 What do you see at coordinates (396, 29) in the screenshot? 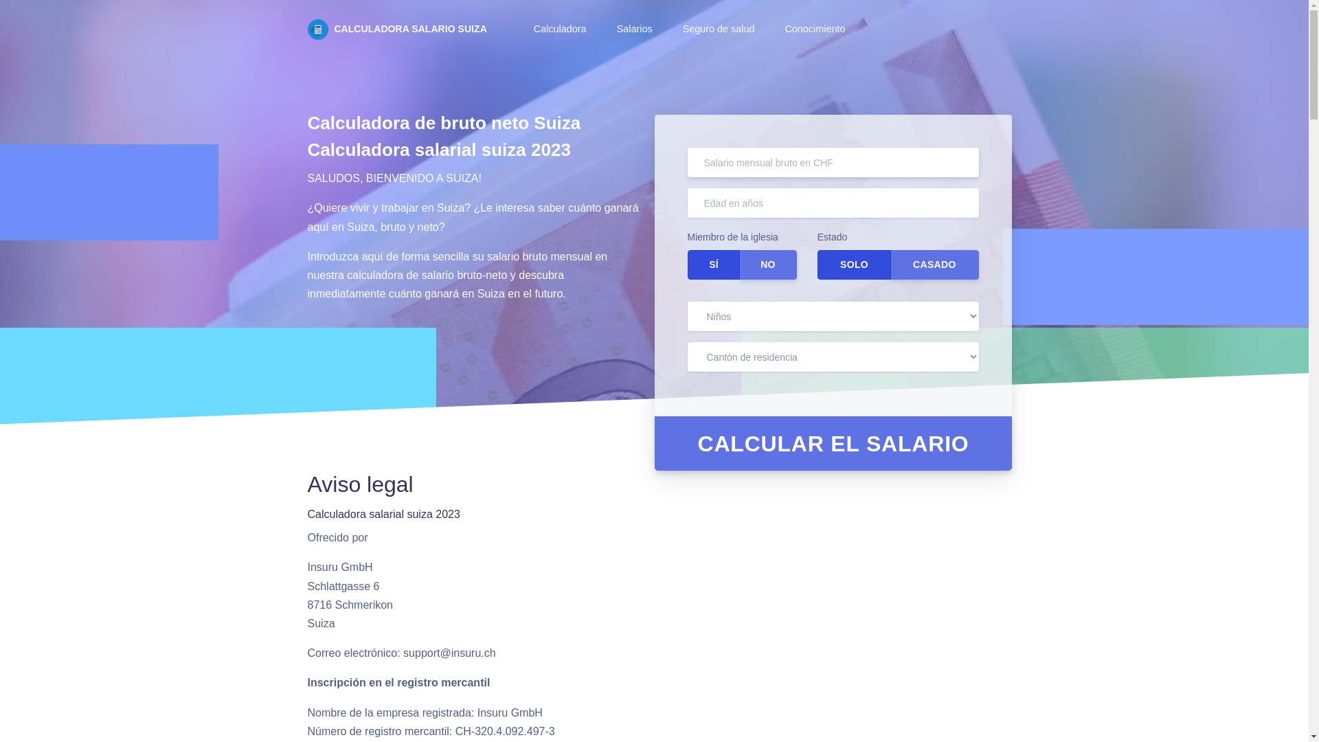
I see `'CALCULADORA SALARIO SUIZA'` at bounding box center [396, 29].